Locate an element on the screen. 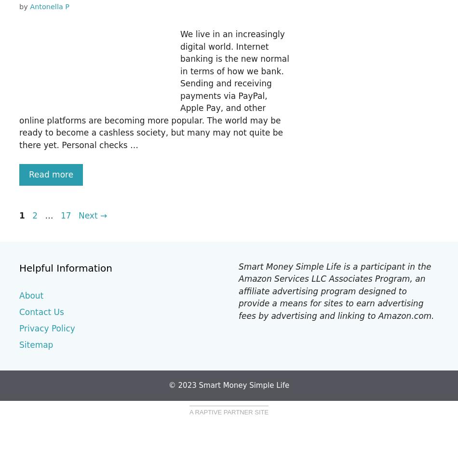  'Smart Money Simple Life is a participant in the Amazon Services LLC Associates Program, an affiliate advertising program designed to provide a means for sites to earn advertising fees by advertising and linking to Amazon.com.' is located at coordinates (336, 290).